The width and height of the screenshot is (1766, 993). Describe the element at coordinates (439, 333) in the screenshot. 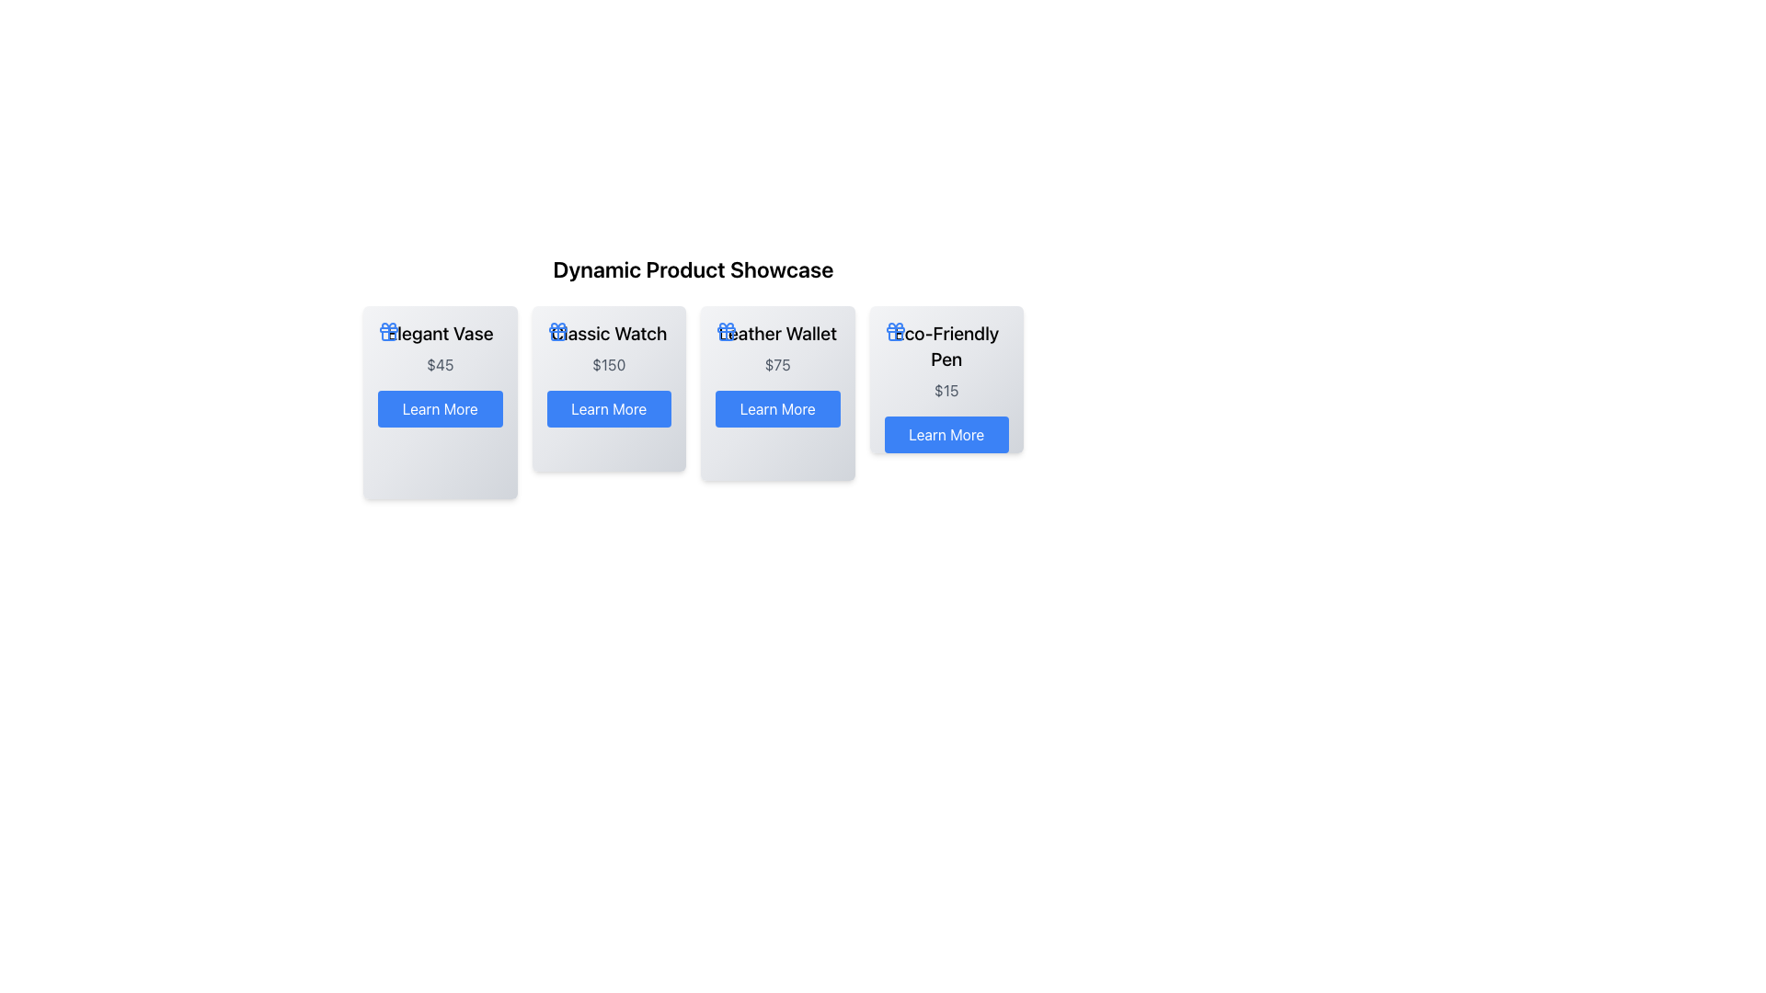

I see `the 'Elegant Vase' text label, which displays the product name at the top of its card, positioned above the price text and 'Learn More' button` at that location.